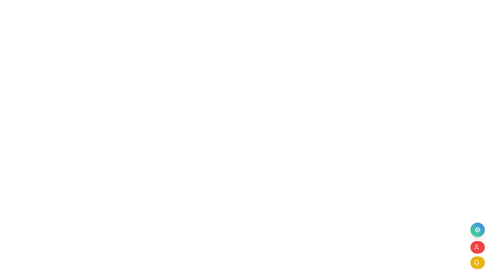  Describe the element at coordinates (476, 262) in the screenshot. I see `the bell icon located at the lower right side of the interface, which serves as a notification indicator for alerts or messages` at that location.